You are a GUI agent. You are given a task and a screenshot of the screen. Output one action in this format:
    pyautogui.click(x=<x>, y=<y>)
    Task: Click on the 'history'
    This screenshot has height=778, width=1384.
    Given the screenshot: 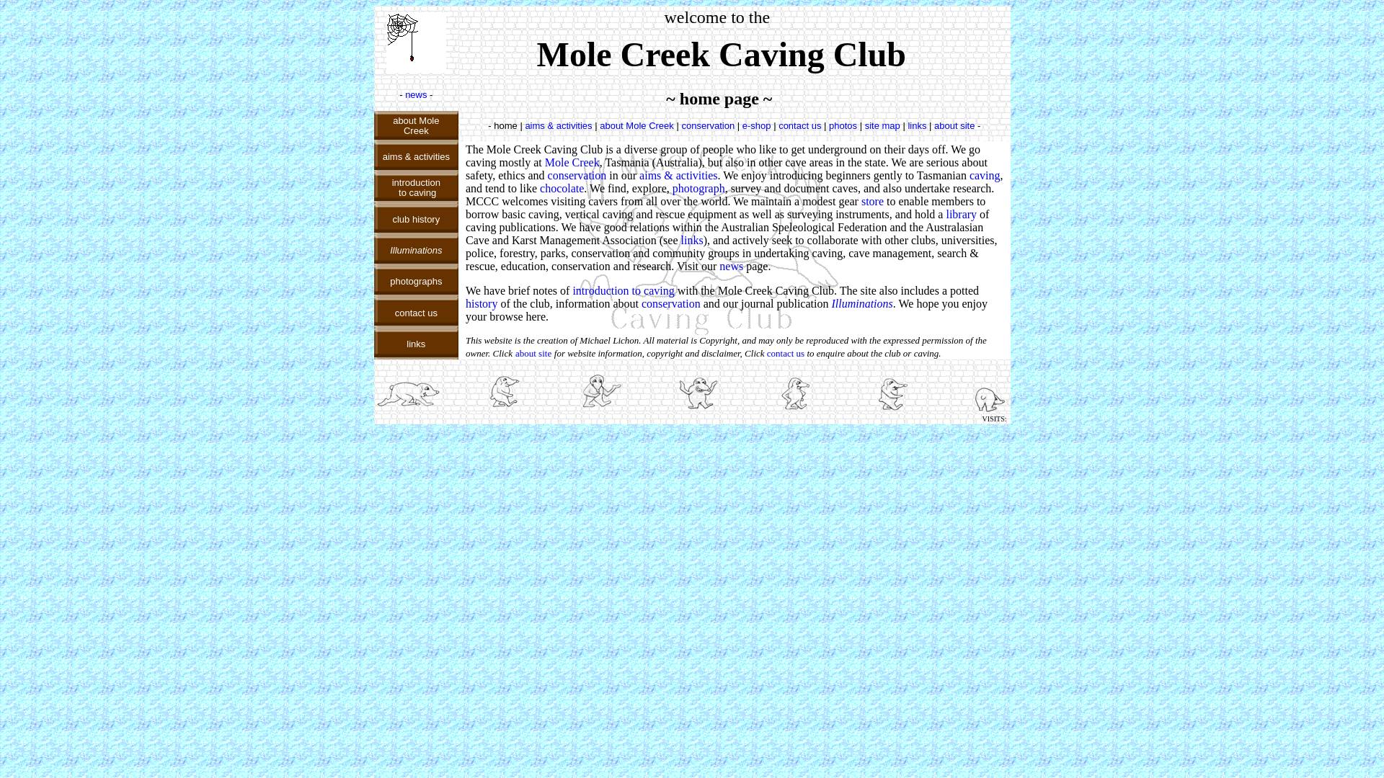 What is the action you would take?
    pyautogui.click(x=481, y=303)
    